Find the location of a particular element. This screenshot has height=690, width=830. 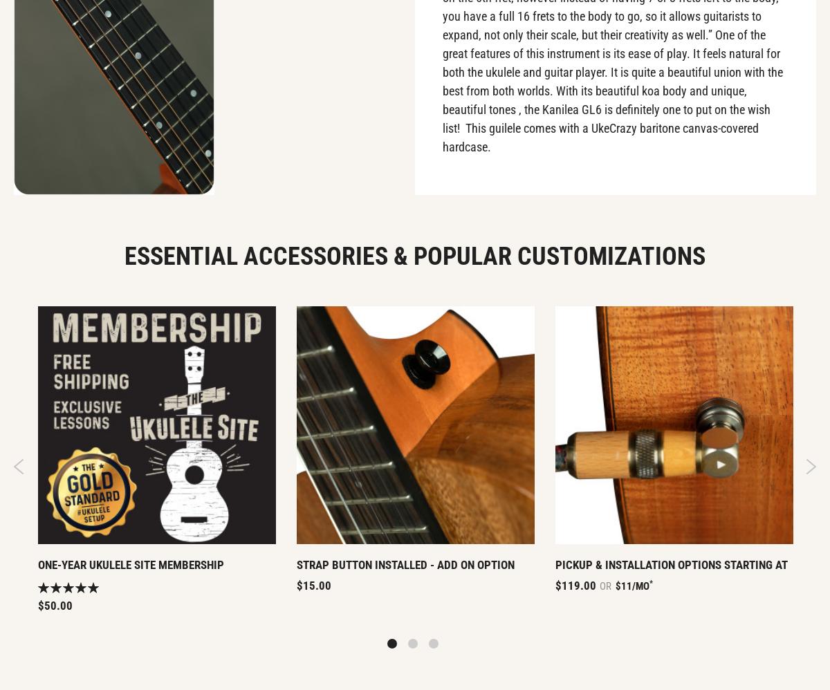

'Contact Us' is located at coordinates (691, 129).